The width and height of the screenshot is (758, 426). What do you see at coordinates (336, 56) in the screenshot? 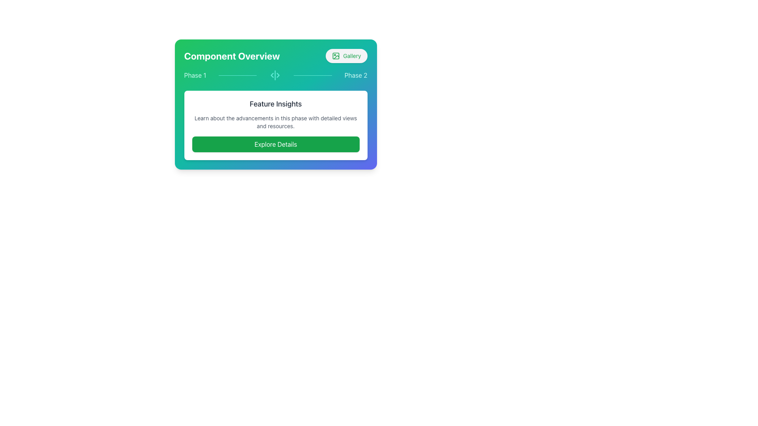
I see `the small icon resembling a stylized image frame with a circle inside, which is located to the left of the 'Gallery' button in the top-right corner of the 'Component Overview' section` at bounding box center [336, 56].